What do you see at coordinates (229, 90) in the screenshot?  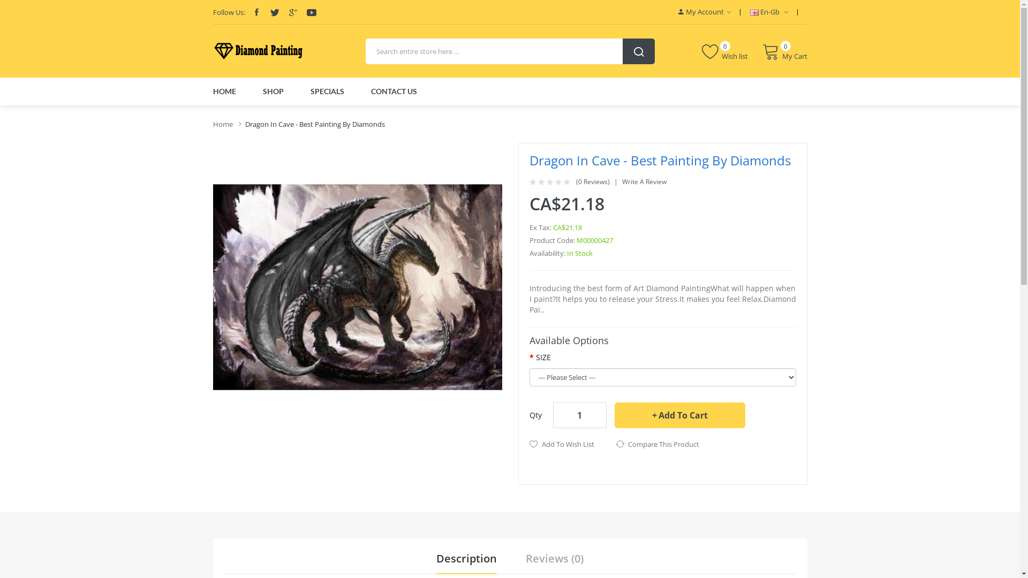 I see `'HOME'` at bounding box center [229, 90].